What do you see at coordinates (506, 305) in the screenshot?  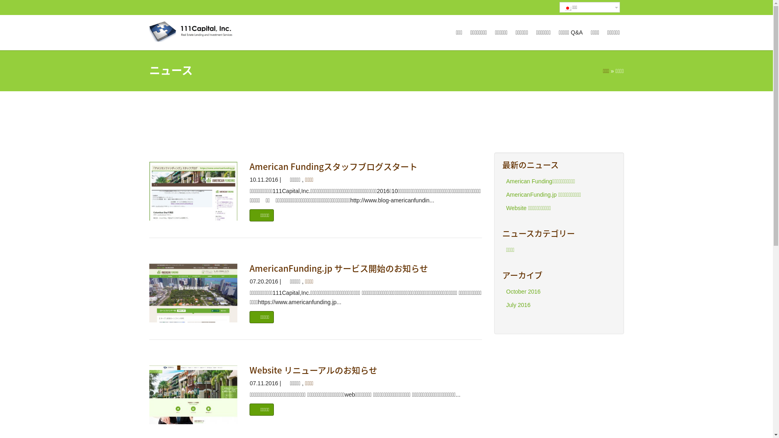 I see `'July 2016'` at bounding box center [506, 305].